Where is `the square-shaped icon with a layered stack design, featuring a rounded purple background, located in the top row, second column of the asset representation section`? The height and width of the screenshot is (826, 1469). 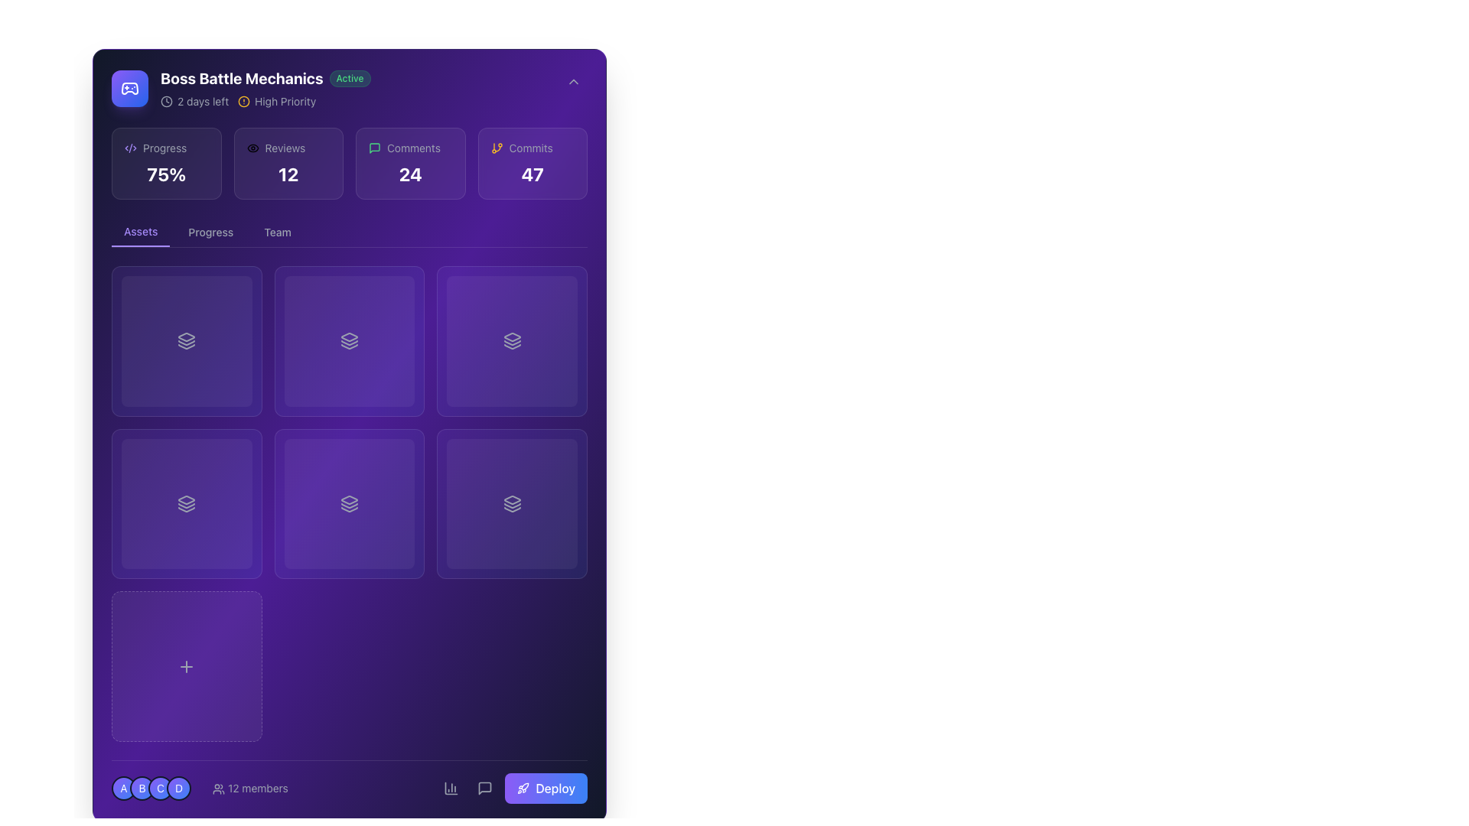
the square-shaped icon with a layered stack design, featuring a rounded purple background, located in the top row, second column of the asset representation section is located at coordinates (348, 340).